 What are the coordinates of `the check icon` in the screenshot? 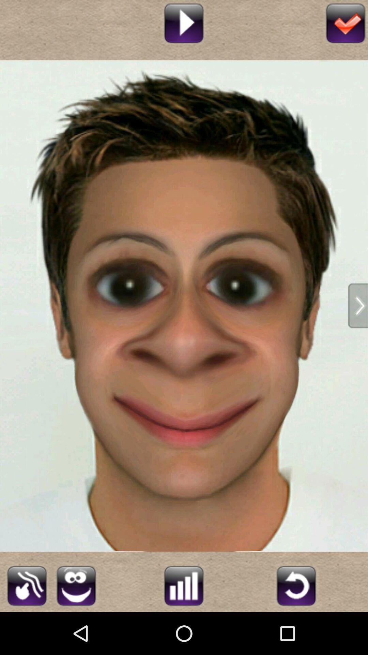 It's located at (346, 24).